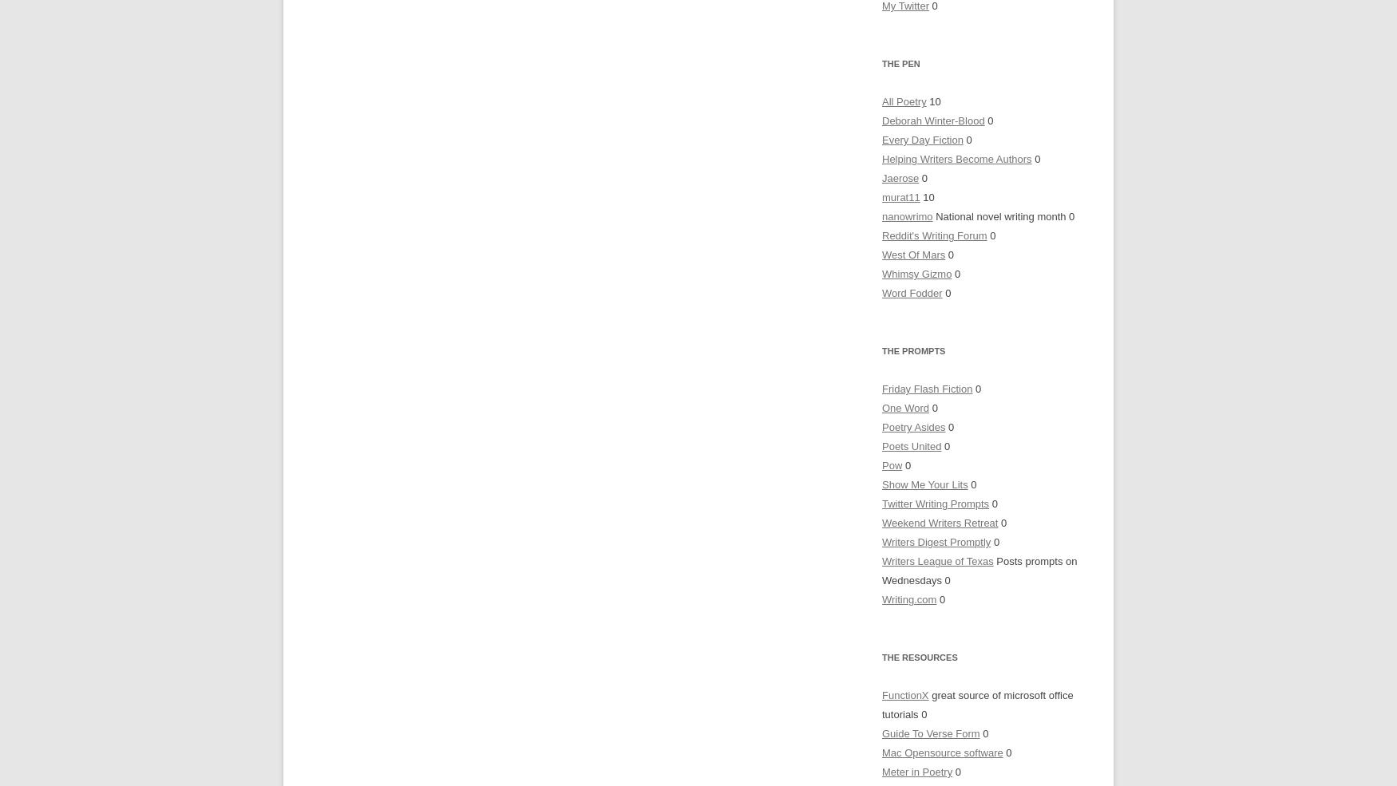 The height and width of the screenshot is (786, 1397). I want to click on 'Poets United', so click(911, 446).